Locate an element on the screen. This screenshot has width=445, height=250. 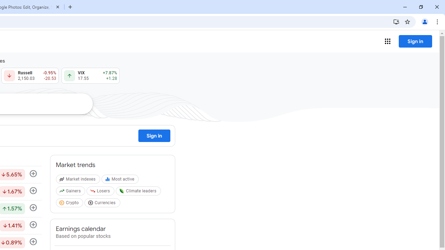
'Install Google Finance' is located at coordinates (396, 21).